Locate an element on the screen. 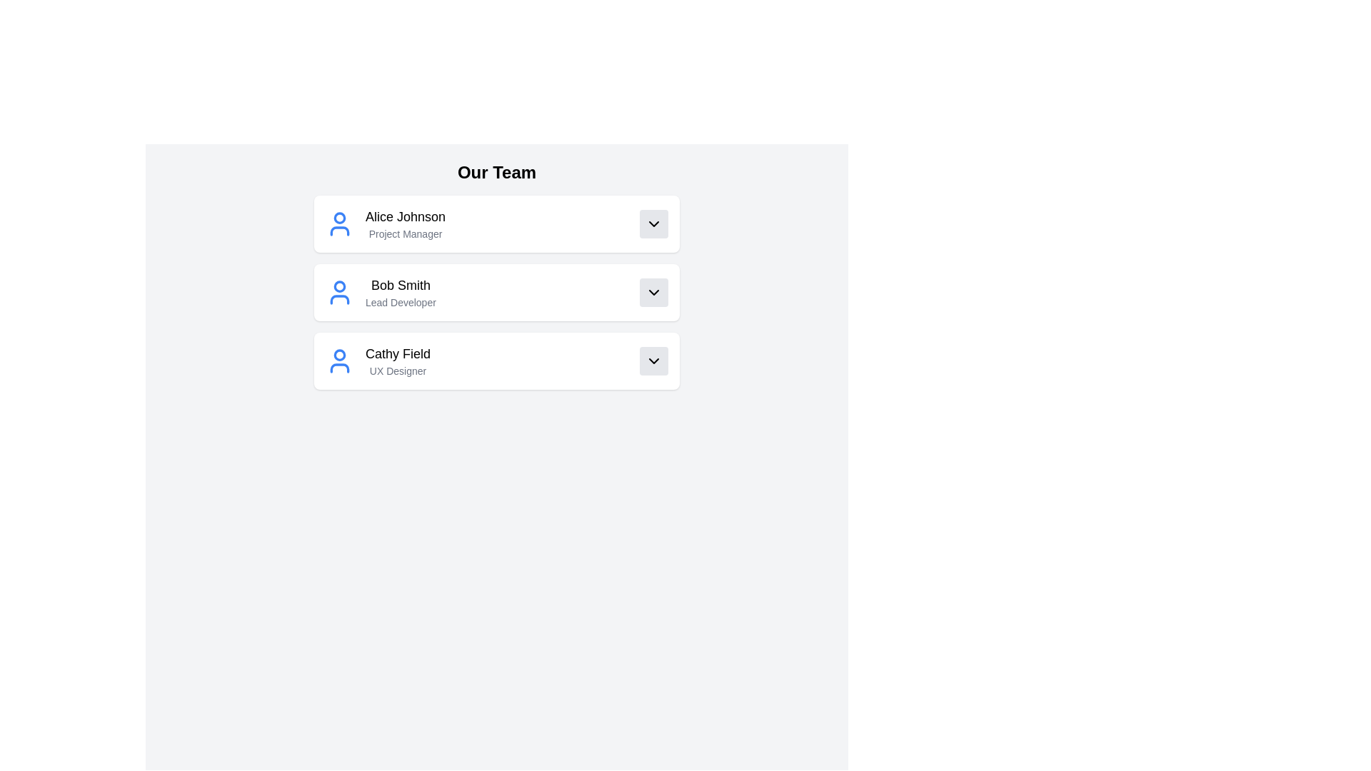 The width and height of the screenshot is (1371, 771). the user icon associated with 'Cathy Field', which is a bright blue circular icon located to the left of the text 'Cathy Field' and 'UX Designer' is located at coordinates (338, 360).